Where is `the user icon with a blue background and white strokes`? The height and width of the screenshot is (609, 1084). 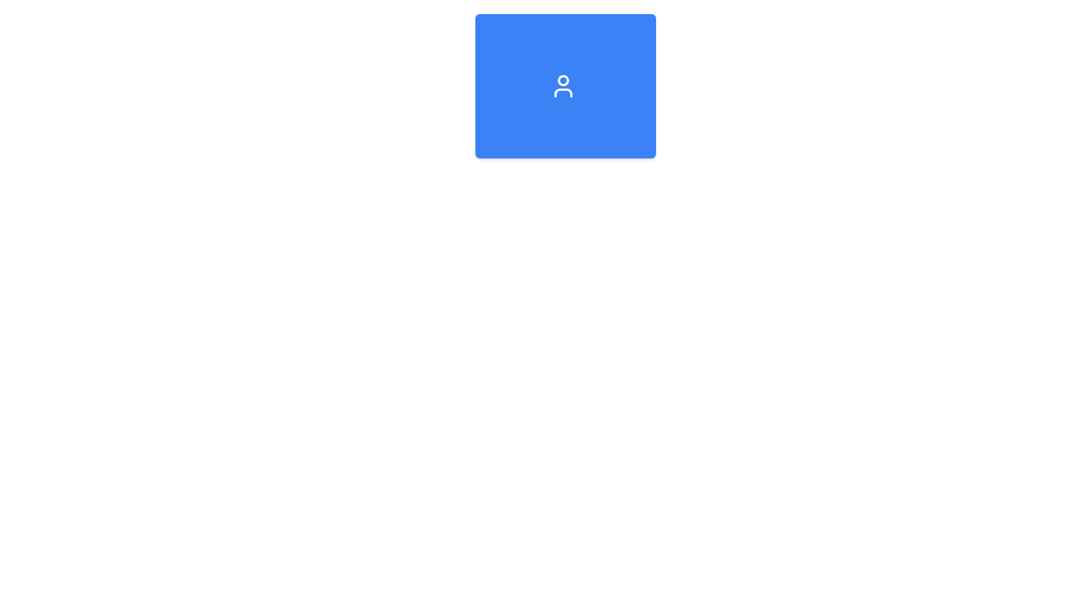 the user icon with a blue background and white strokes is located at coordinates (563, 86).